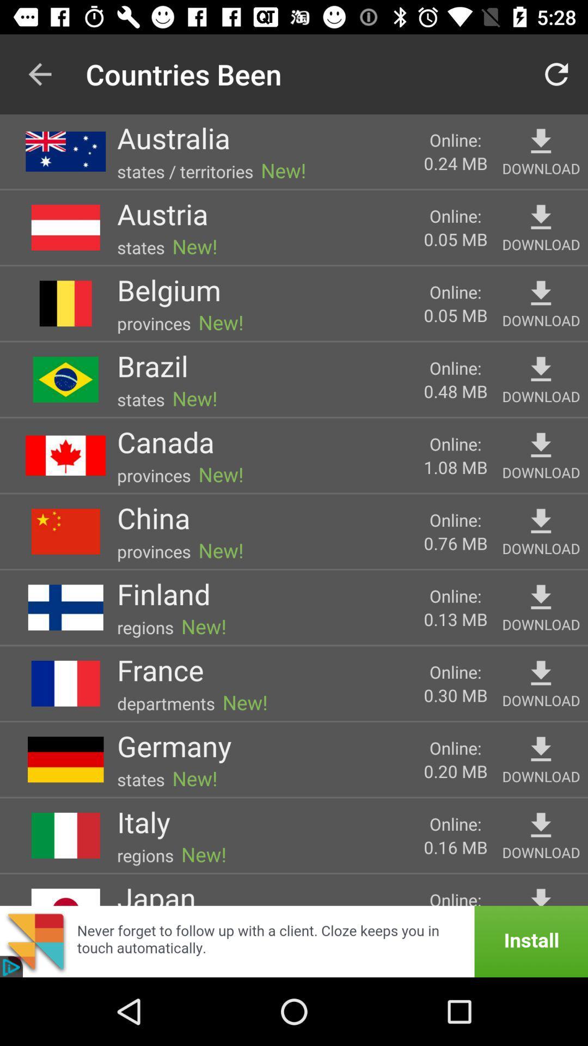 The image size is (588, 1046). I want to click on he can activate the simple voice command, so click(541, 825).